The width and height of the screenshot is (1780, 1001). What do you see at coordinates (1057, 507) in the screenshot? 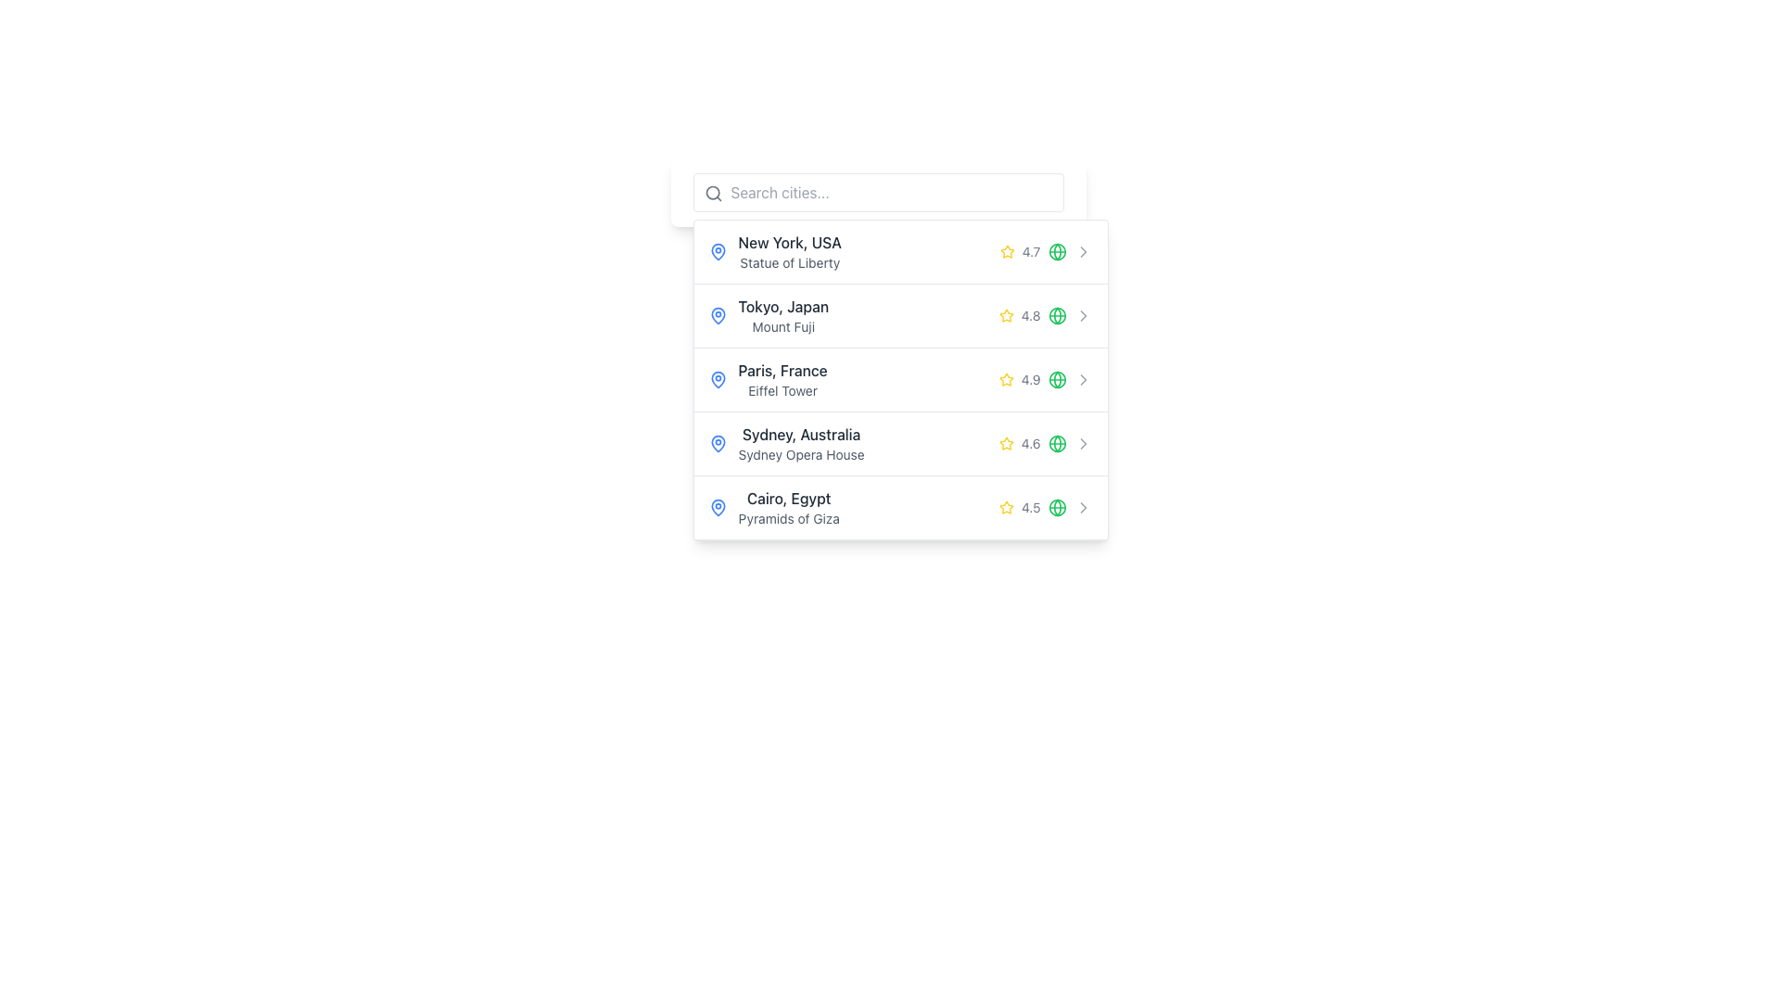
I see `the globe icon located as the last element in the row corresponding to 'Cairo, Egypt', following the star rating and text elements` at bounding box center [1057, 507].